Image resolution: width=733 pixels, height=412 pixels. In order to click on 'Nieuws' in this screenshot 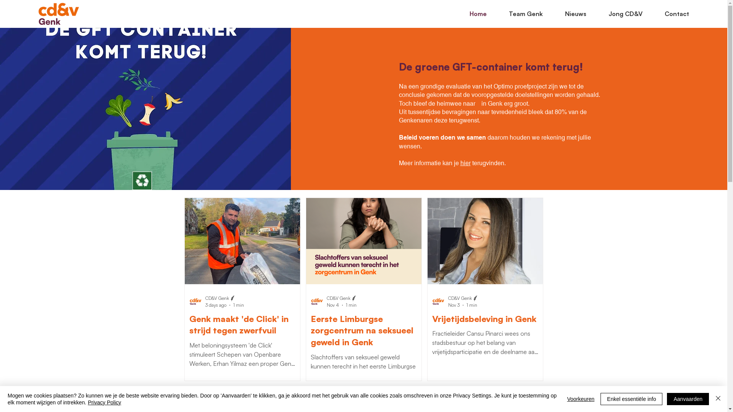, I will do `click(548, 13)`.